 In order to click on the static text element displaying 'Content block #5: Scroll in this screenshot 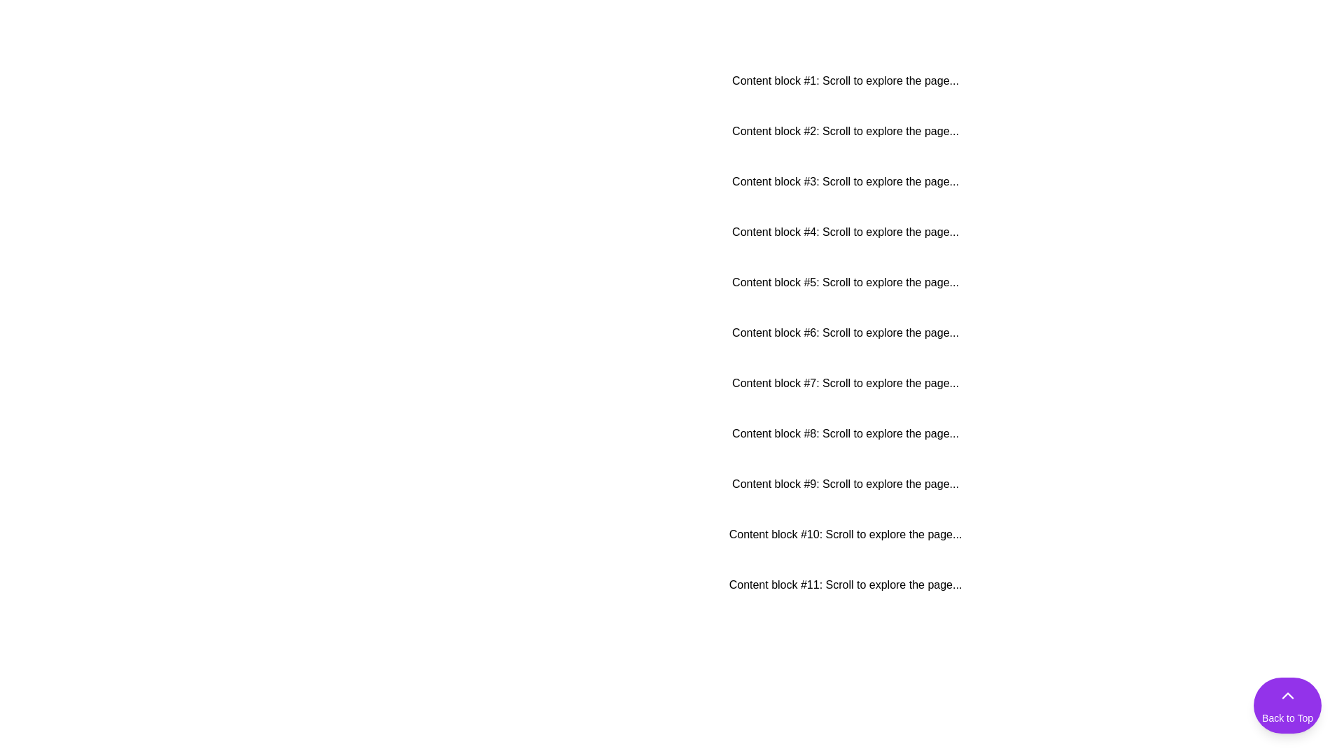, I will do `click(845, 283)`.